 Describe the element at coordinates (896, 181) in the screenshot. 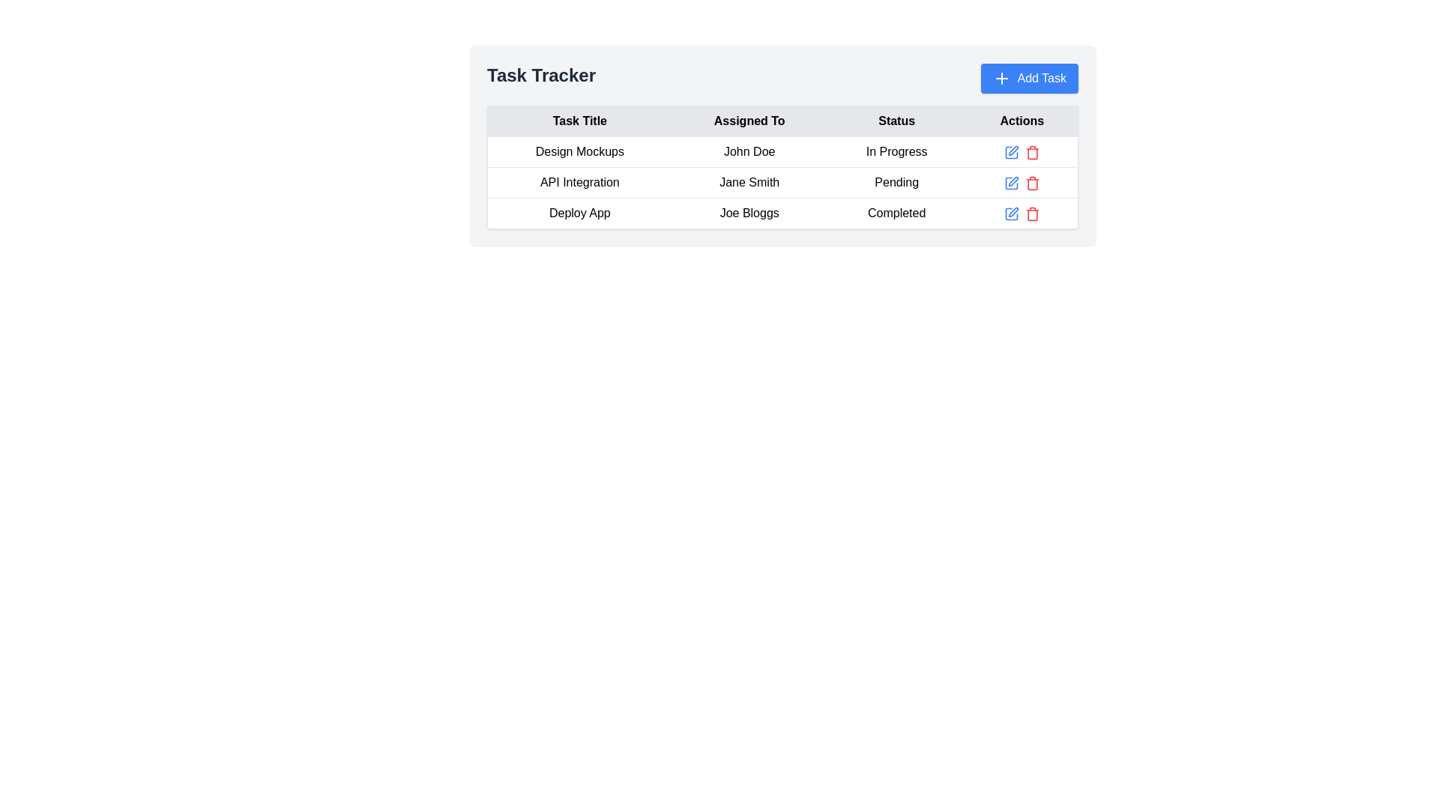

I see `the text label displaying 'Pending' in the 'Status' column of the second row of the table` at that location.